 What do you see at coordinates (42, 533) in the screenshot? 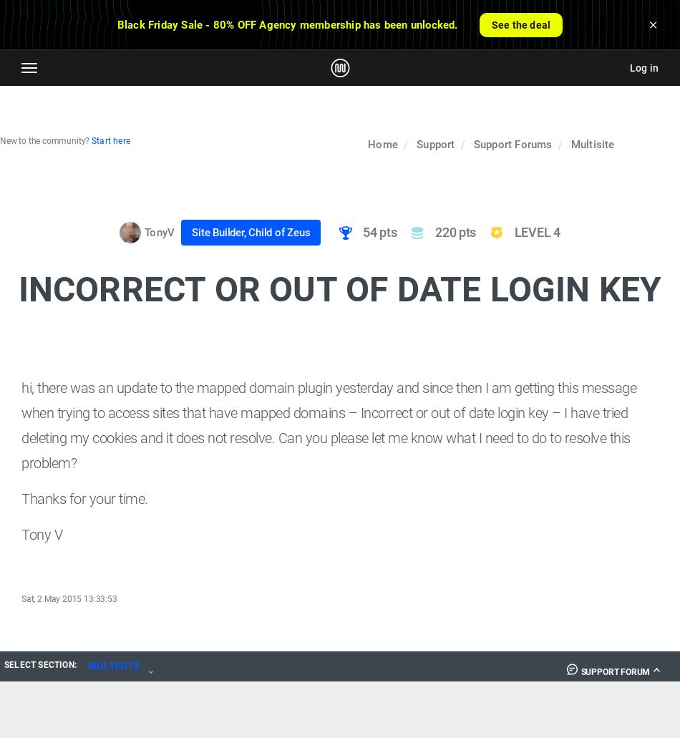
I see `'Tony V'` at bounding box center [42, 533].